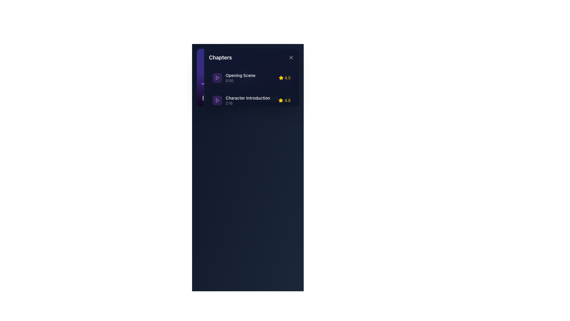 The image size is (570, 321). Describe the element at coordinates (240, 78) in the screenshot. I see `the 'Opening Scene' text label with a smaller '0:00' below it, located in the 'Chapters' panel as the first item in the list` at that location.